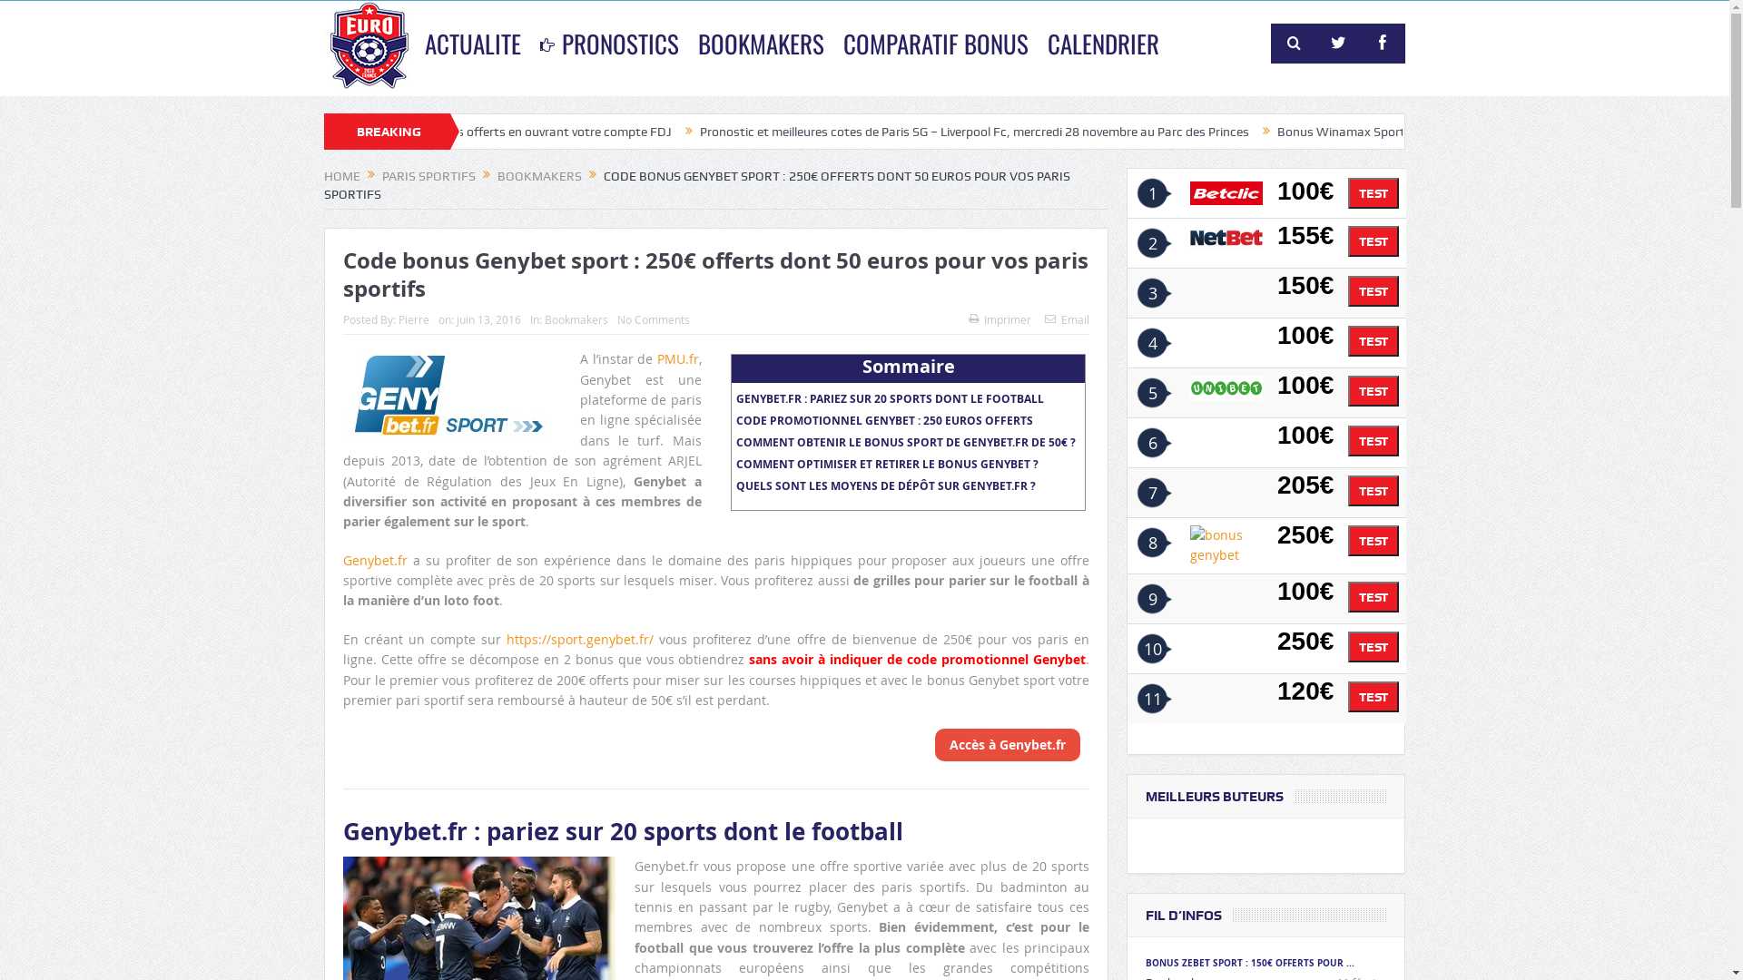 The height and width of the screenshot is (980, 1743). I want to click on 'PARIS SPORTIFS', so click(428, 175).